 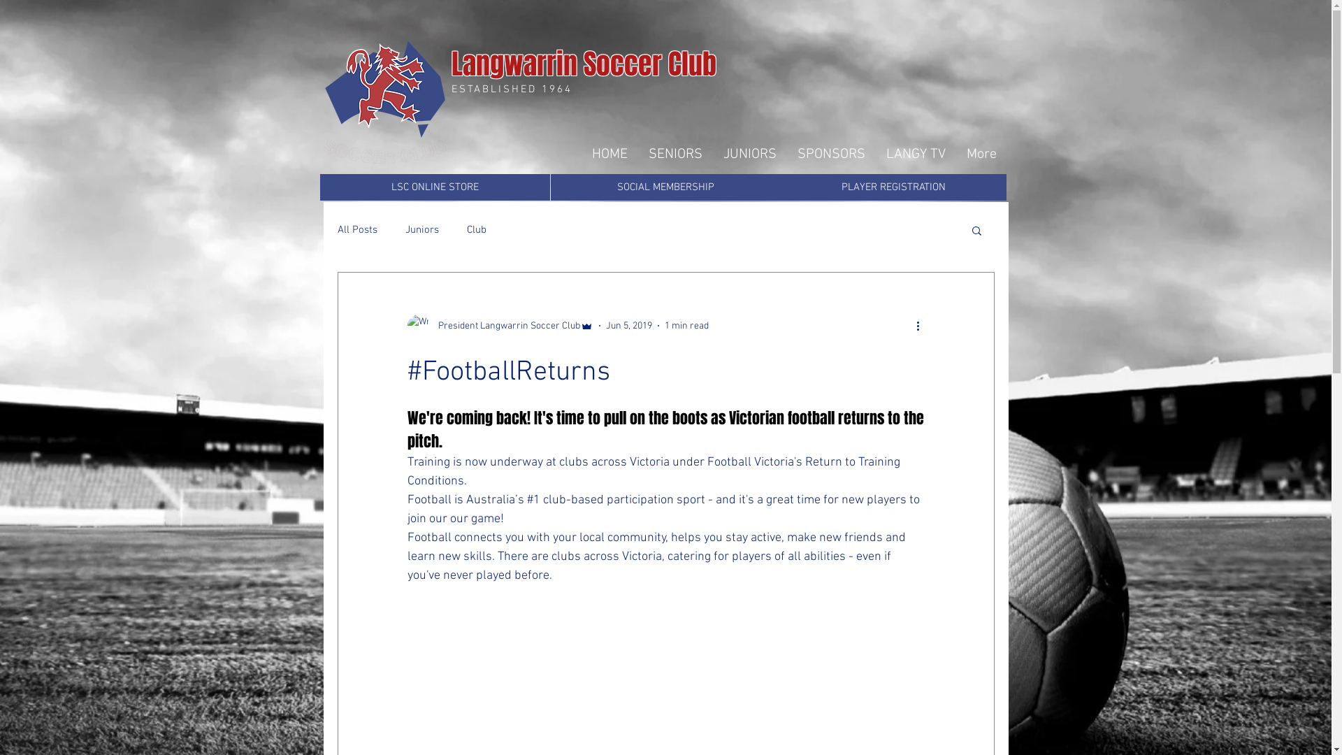 What do you see at coordinates (787, 154) in the screenshot?
I see `'SPONSORS'` at bounding box center [787, 154].